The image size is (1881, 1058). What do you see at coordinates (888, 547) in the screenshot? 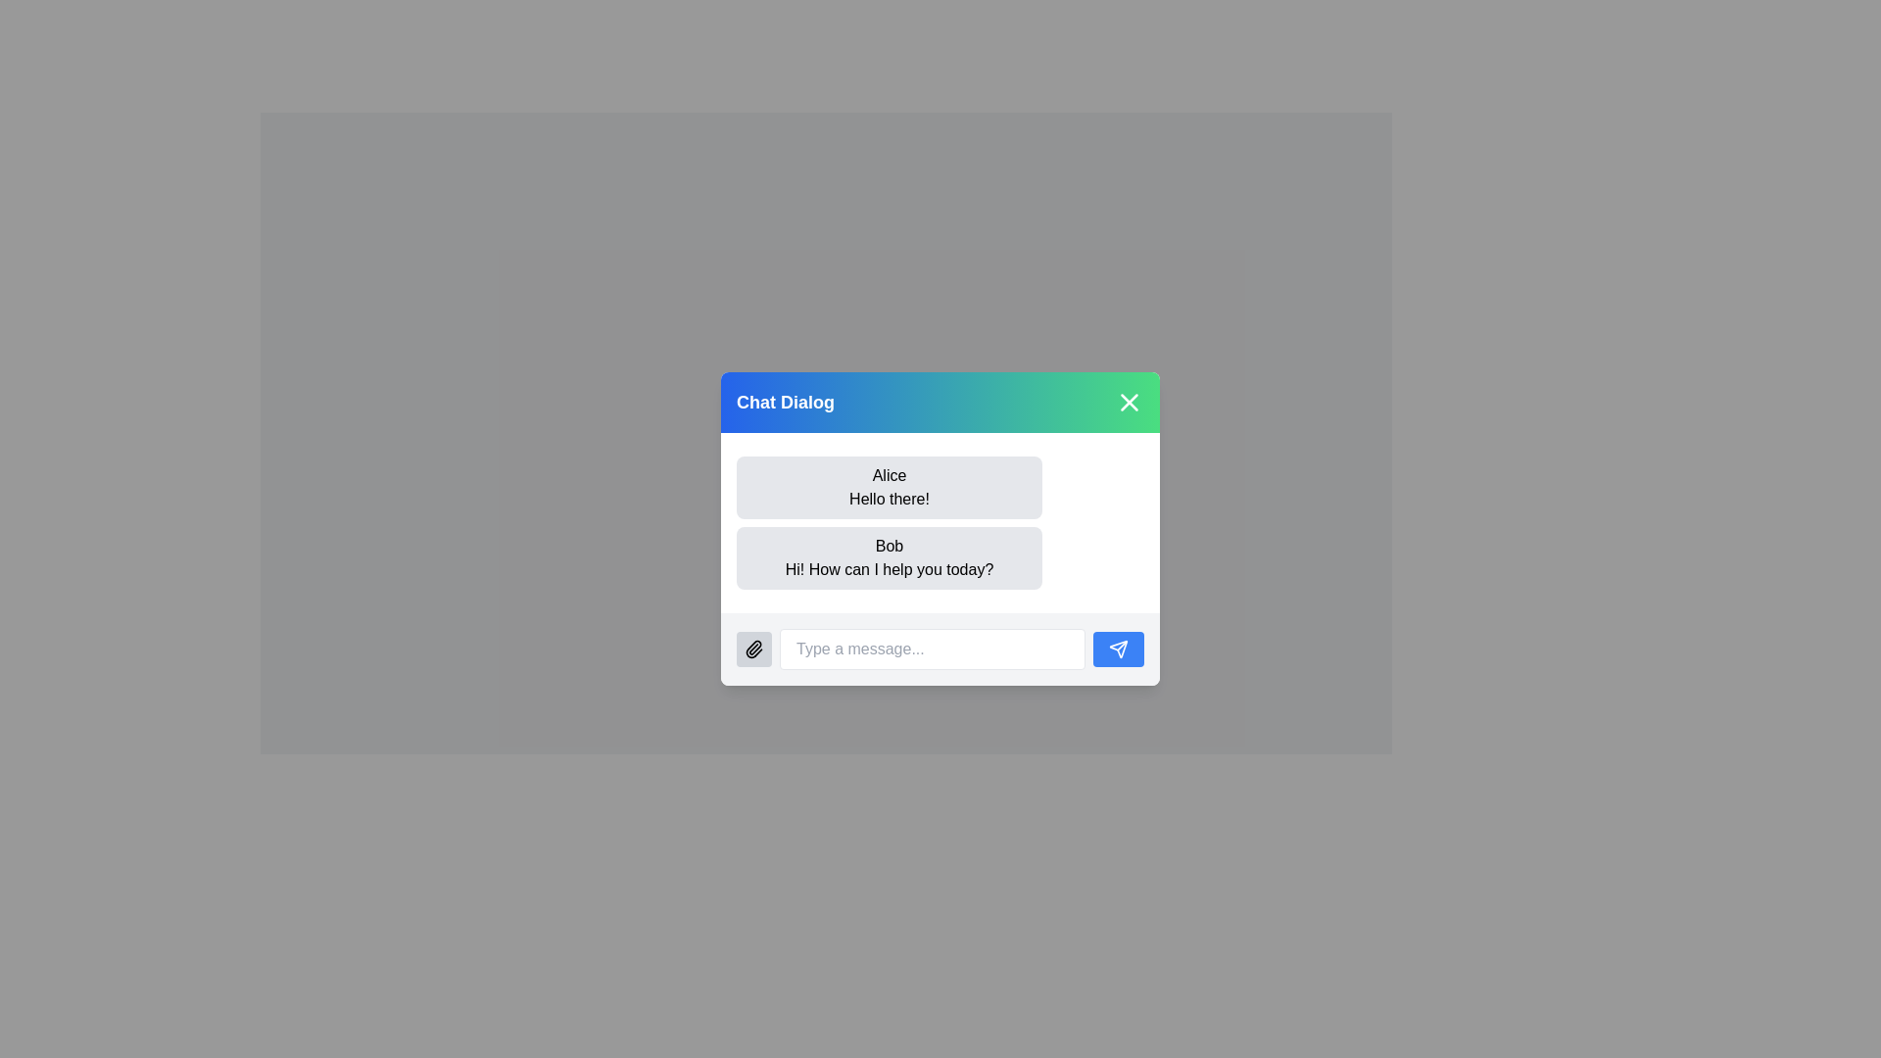
I see `the Text label displaying 'Bob' in bold within the chat interface, located at the top of a message block` at bounding box center [888, 547].